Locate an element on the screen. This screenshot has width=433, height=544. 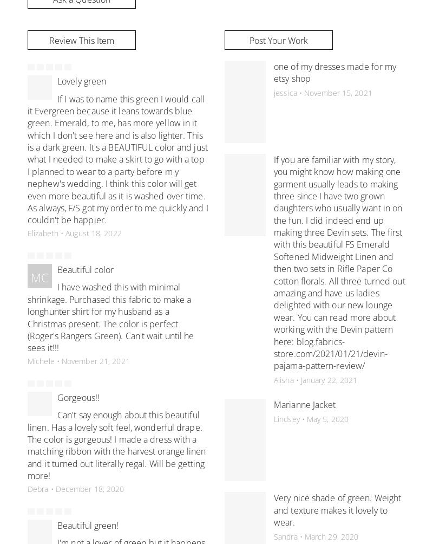
'Gorgeous!!' is located at coordinates (78, 397).